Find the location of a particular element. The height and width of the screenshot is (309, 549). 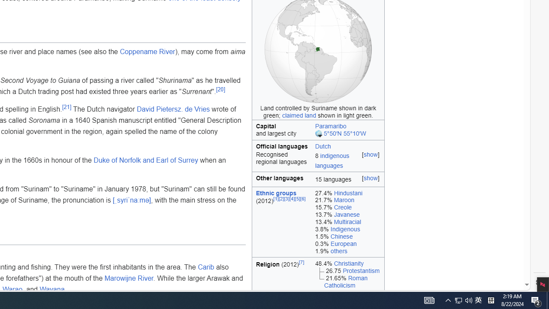

'European' is located at coordinates (344, 243).